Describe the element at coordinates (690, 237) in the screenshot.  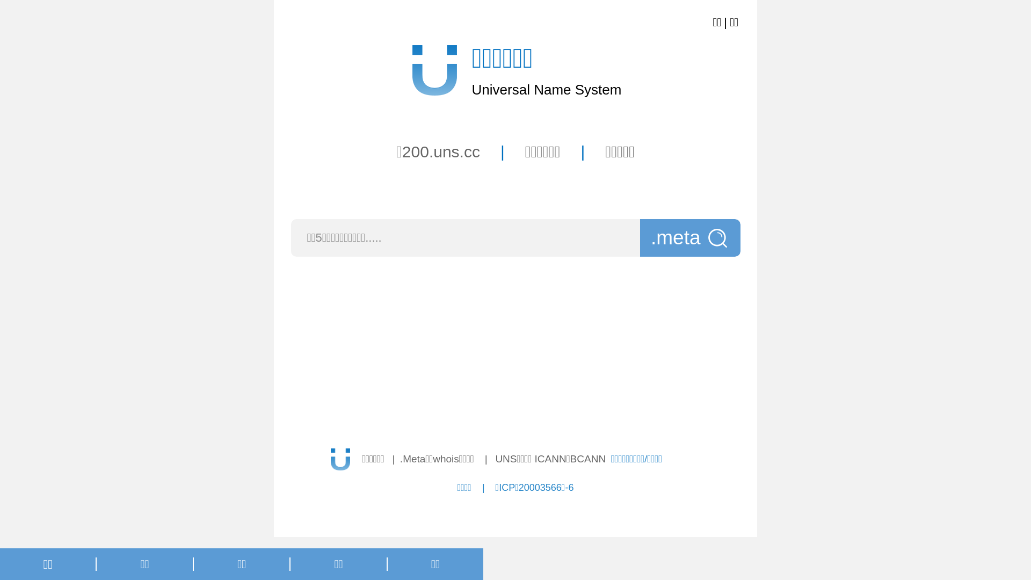
I see `'.meta'` at that location.